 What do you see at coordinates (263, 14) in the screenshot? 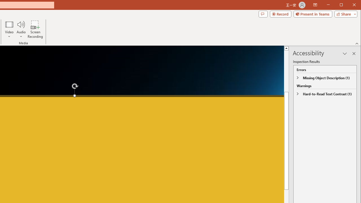
I see `'Comments'` at bounding box center [263, 14].